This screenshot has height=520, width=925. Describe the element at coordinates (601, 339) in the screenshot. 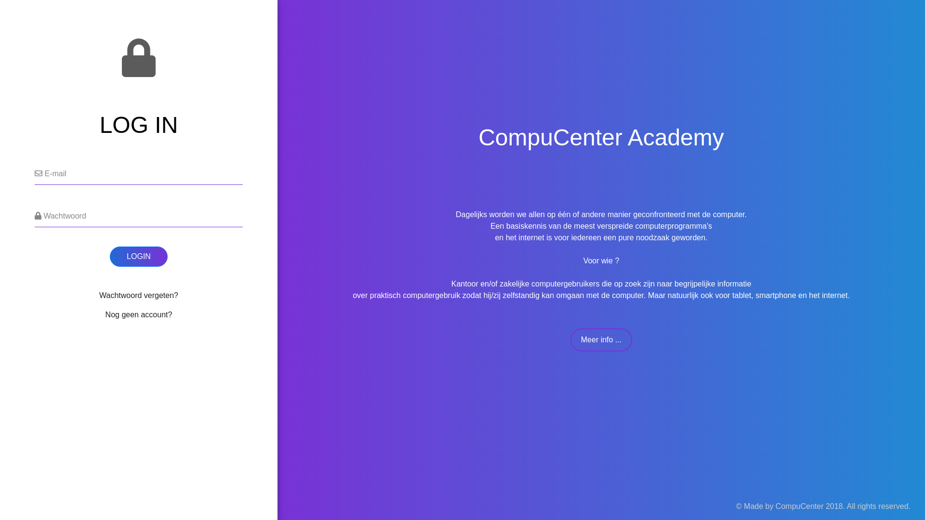

I see `'Meer info ...'` at that location.